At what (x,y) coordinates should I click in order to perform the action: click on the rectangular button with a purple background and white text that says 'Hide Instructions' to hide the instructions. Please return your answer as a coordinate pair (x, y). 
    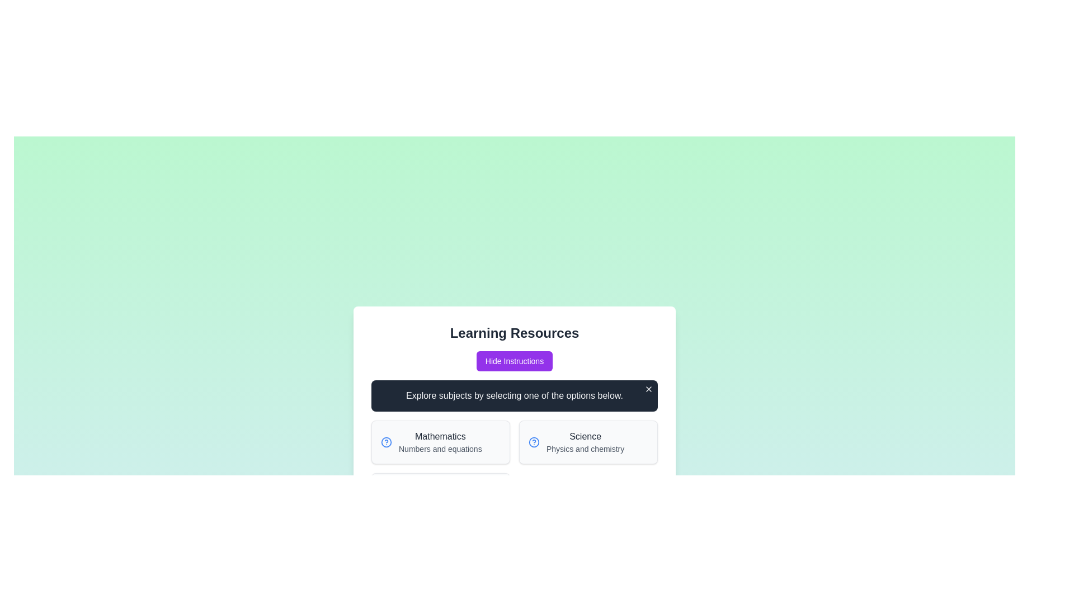
    Looking at the image, I should click on (514, 361).